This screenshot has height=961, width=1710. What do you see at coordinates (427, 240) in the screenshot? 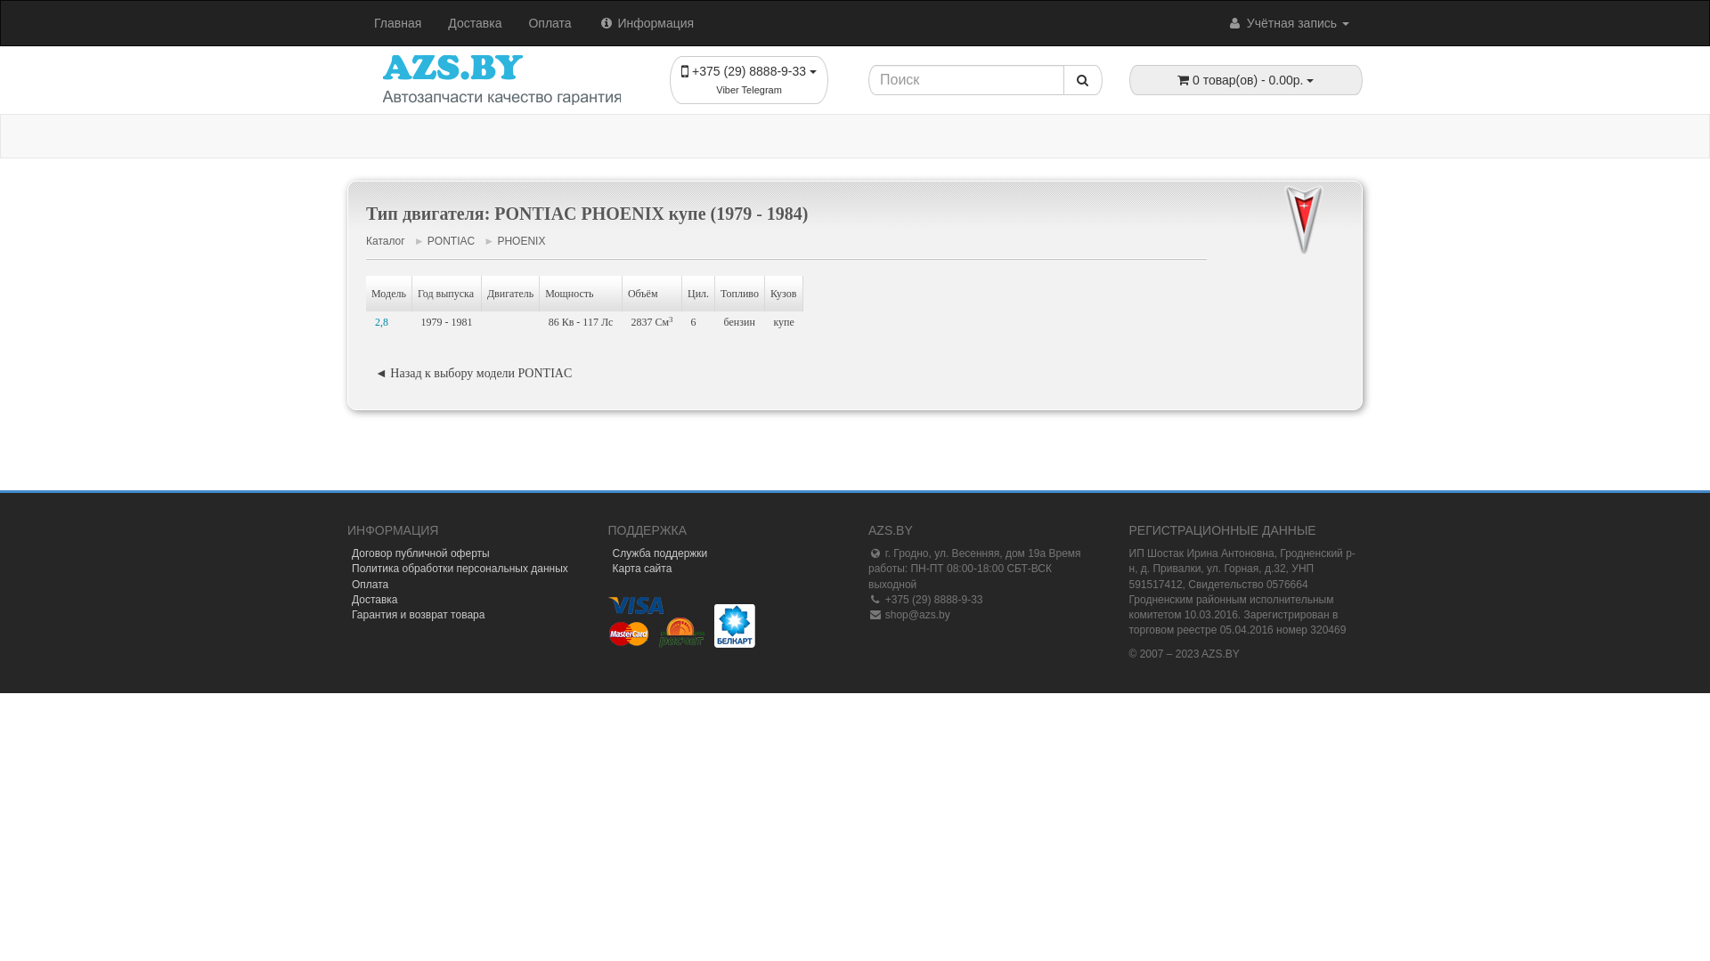
I see `'PONTIAC'` at bounding box center [427, 240].